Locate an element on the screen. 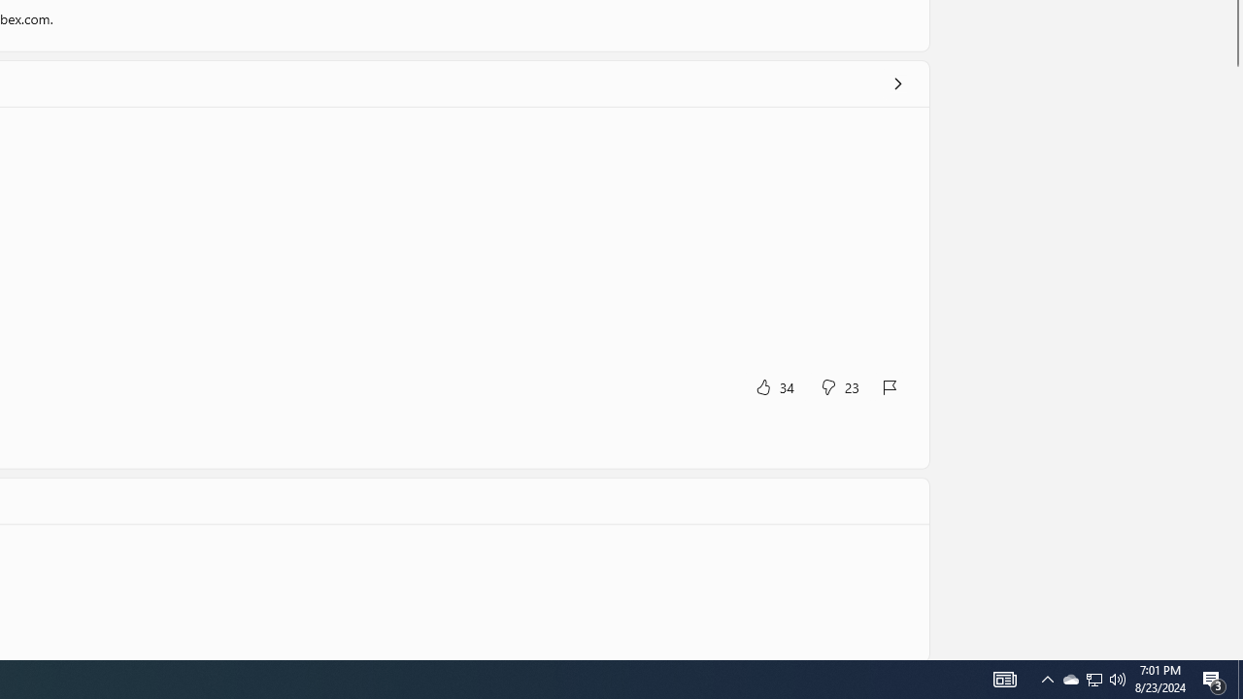 This screenshot has height=699, width=1243. 'Report review' is located at coordinates (890, 386).